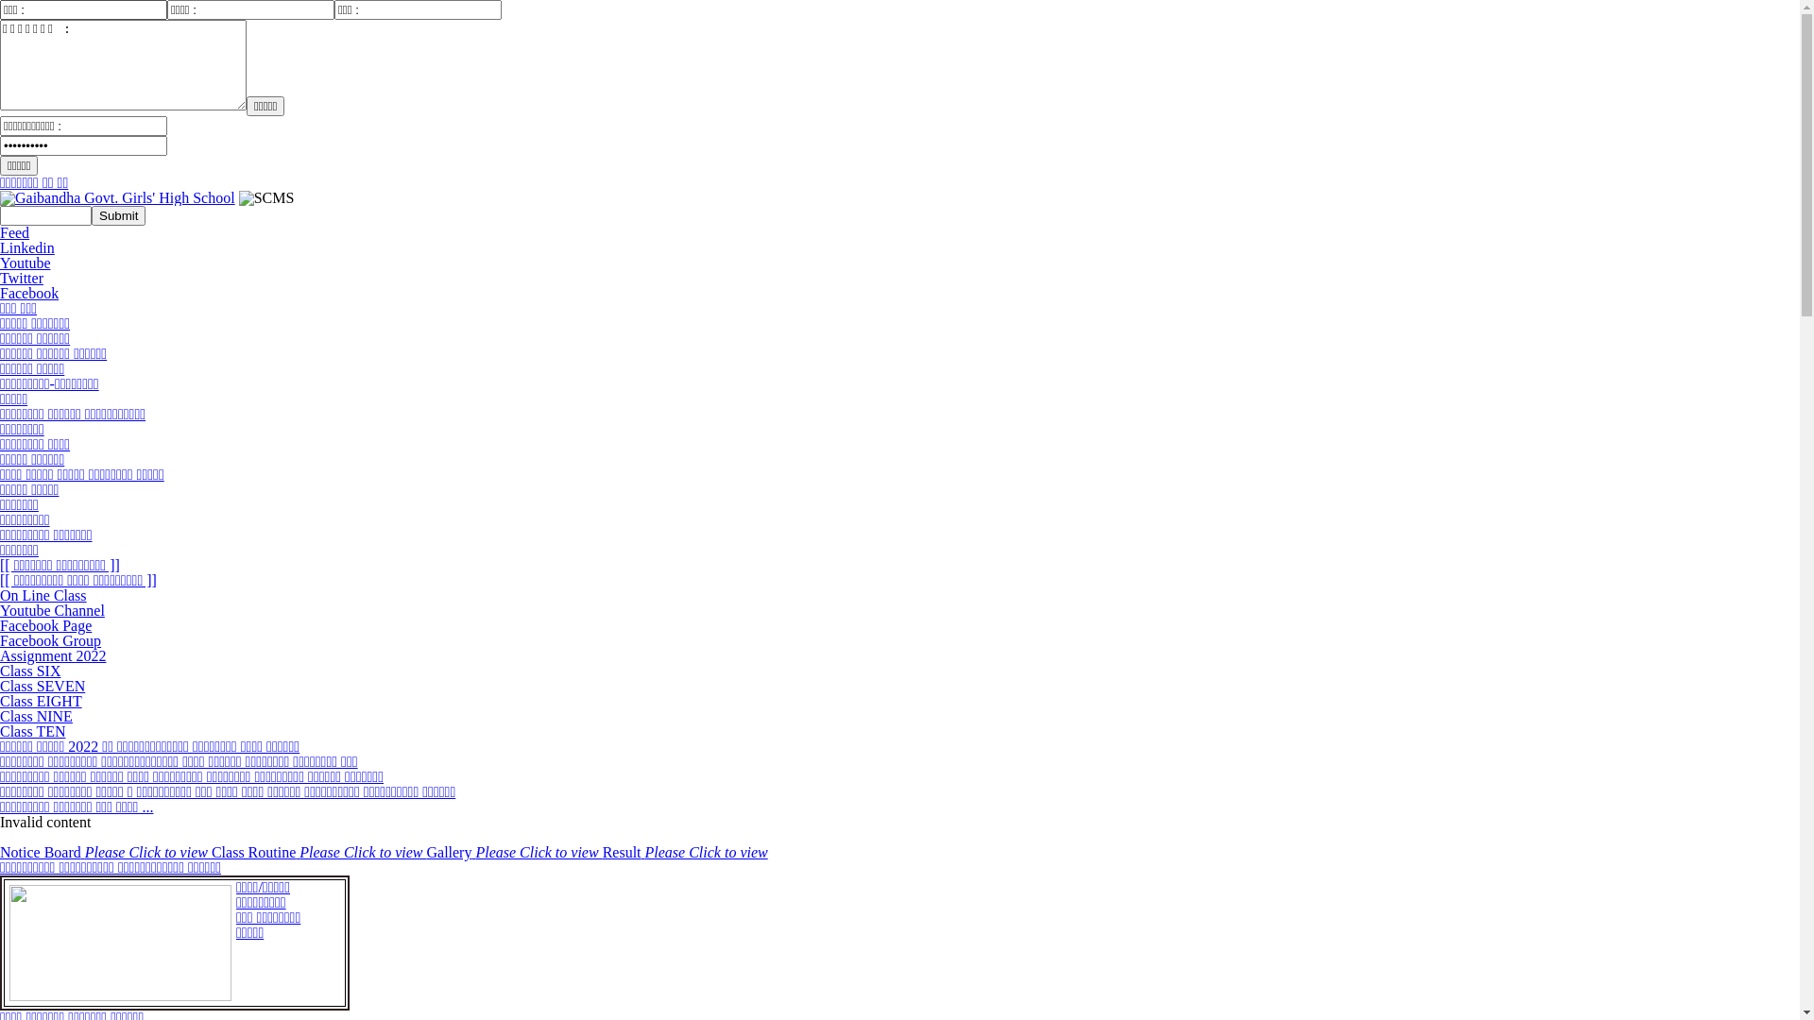 This screenshot has width=1814, height=1020. I want to click on 'Class SEVEN', so click(42, 686).